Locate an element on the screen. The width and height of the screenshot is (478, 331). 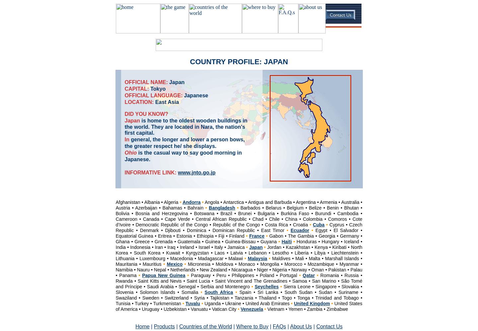
'Afghanistan • Albania • Algeria' is located at coordinates (147, 202).